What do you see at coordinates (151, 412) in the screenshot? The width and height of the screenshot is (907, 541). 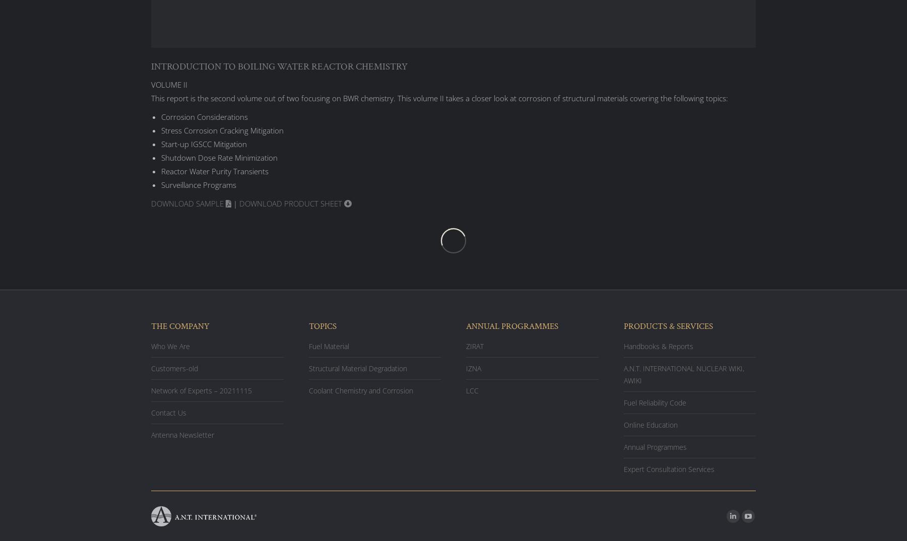 I see `'Contact Us'` at bounding box center [151, 412].